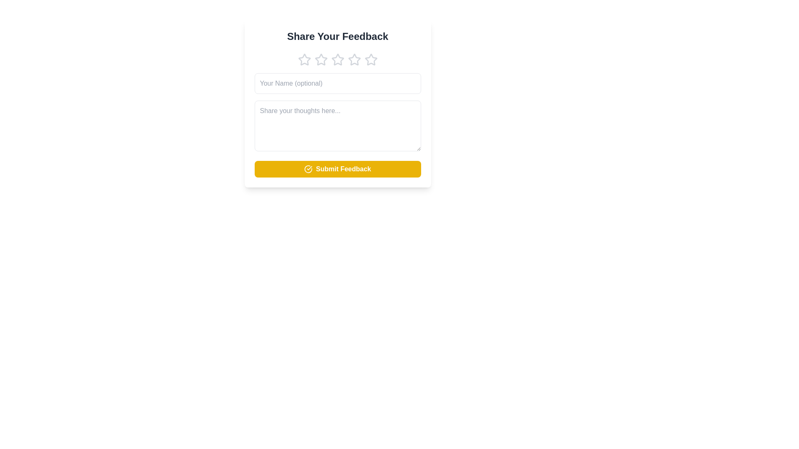 This screenshot has width=799, height=449. What do you see at coordinates (370, 59) in the screenshot?
I see `across the fifth star icon in the star-rating system` at bounding box center [370, 59].